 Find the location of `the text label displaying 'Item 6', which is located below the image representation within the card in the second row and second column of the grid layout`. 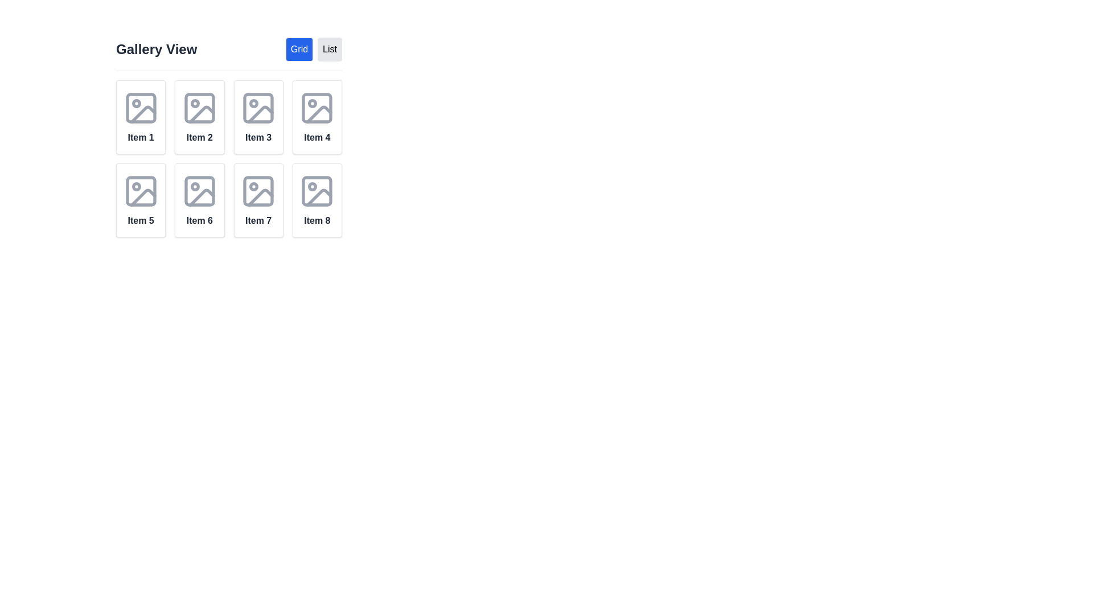

the text label displaying 'Item 6', which is located below the image representation within the card in the second row and second column of the grid layout is located at coordinates (199, 221).